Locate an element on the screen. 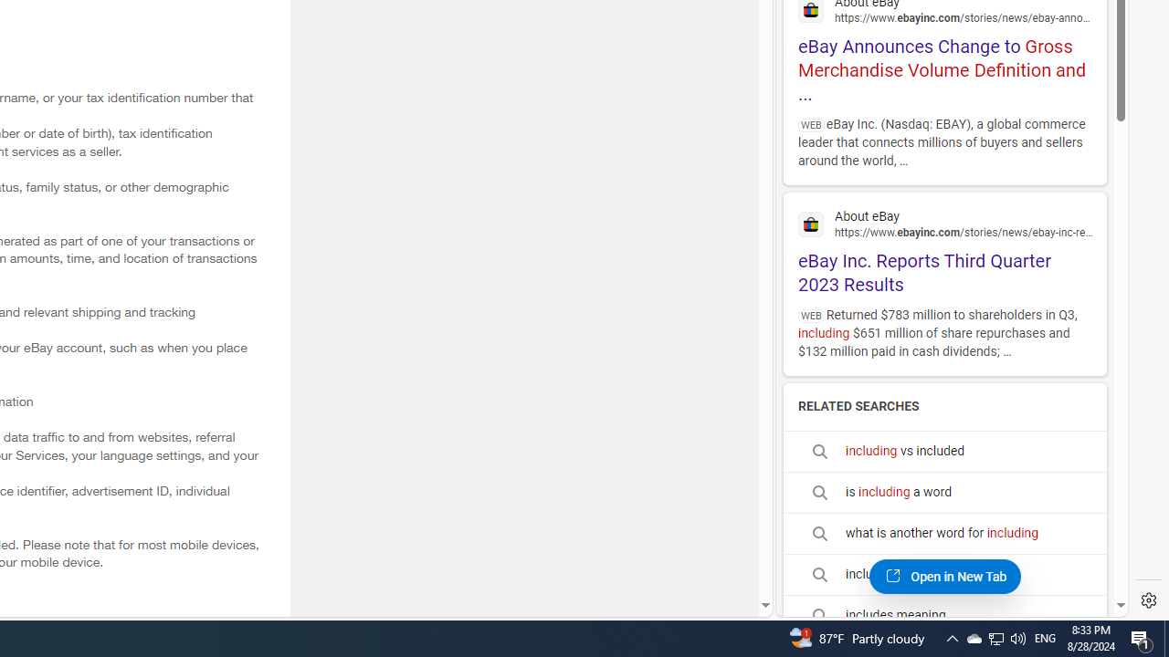 The height and width of the screenshot is (657, 1169). 'includes synonym' is located at coordinates (944, 575).